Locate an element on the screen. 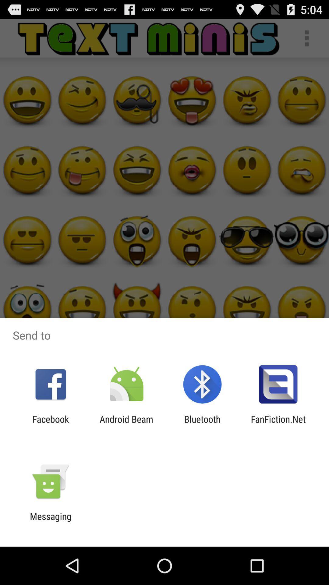 This screenshot has width=329, height=585. item to the right of the android beam item is located at coordinates (202, 424).